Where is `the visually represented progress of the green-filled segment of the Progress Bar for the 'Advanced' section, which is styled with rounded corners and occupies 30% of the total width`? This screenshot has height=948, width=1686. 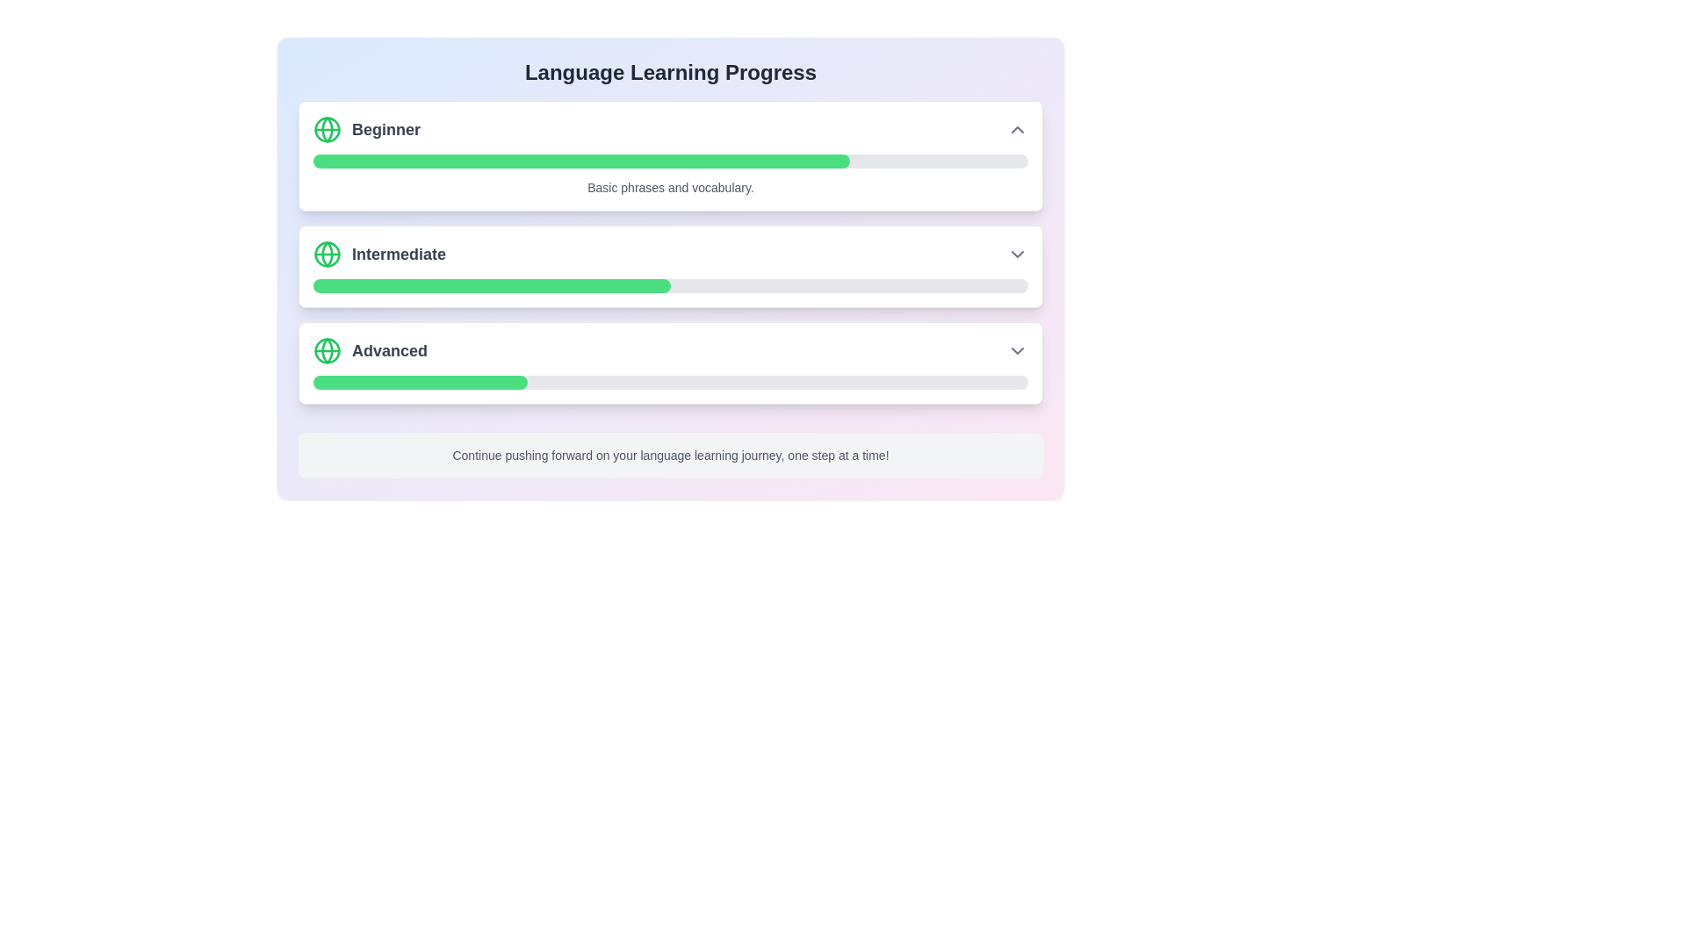 the visually represented progress of the green-filled segment of the Progress Bar for the 'Advanced' section, which is styled with rounded corners and occupies 30% of the total width is located at coordinates (420, 381).